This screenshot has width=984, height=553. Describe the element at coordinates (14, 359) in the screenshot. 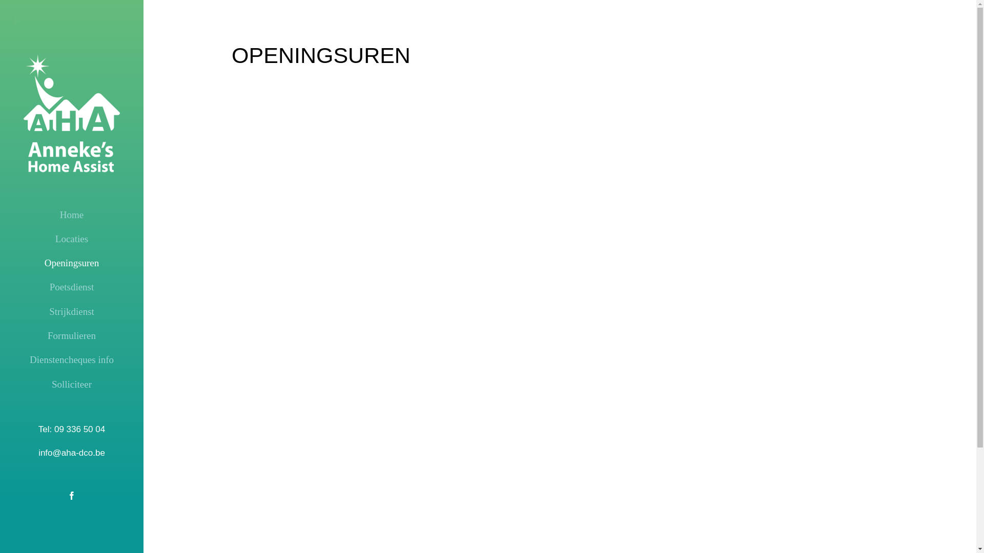

I see `'Dienstencheques info'` at that location.